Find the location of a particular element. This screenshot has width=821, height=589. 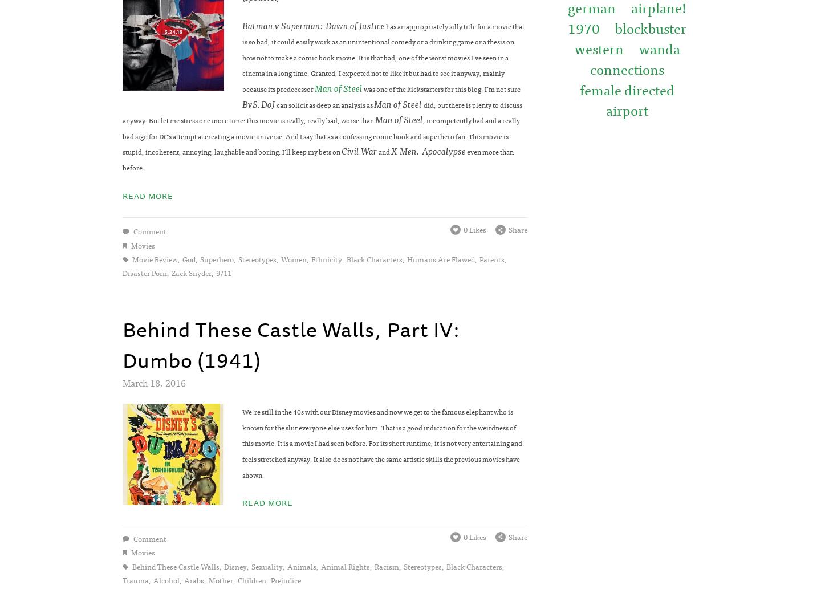

'alcohol' is located at coordinates (166, 579).